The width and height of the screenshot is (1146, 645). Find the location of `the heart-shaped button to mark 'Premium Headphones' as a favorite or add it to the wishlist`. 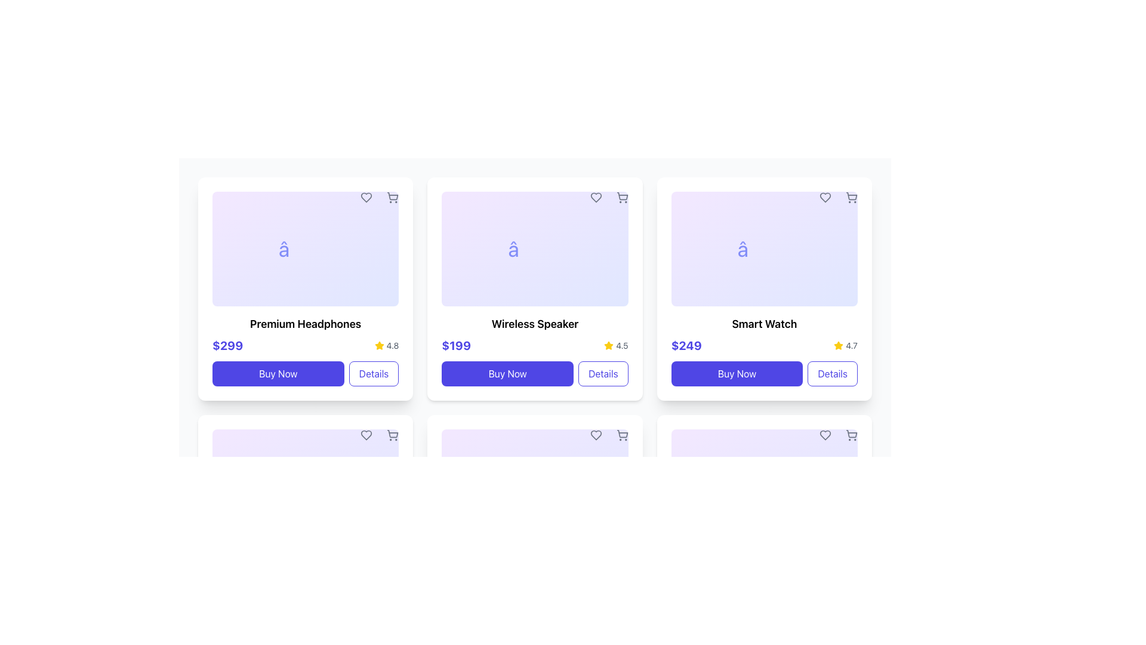

the heart-shaped button to mark 'Premium Headphones' as a favorite or add it to the wishlist is located at coordinates (366, 197).